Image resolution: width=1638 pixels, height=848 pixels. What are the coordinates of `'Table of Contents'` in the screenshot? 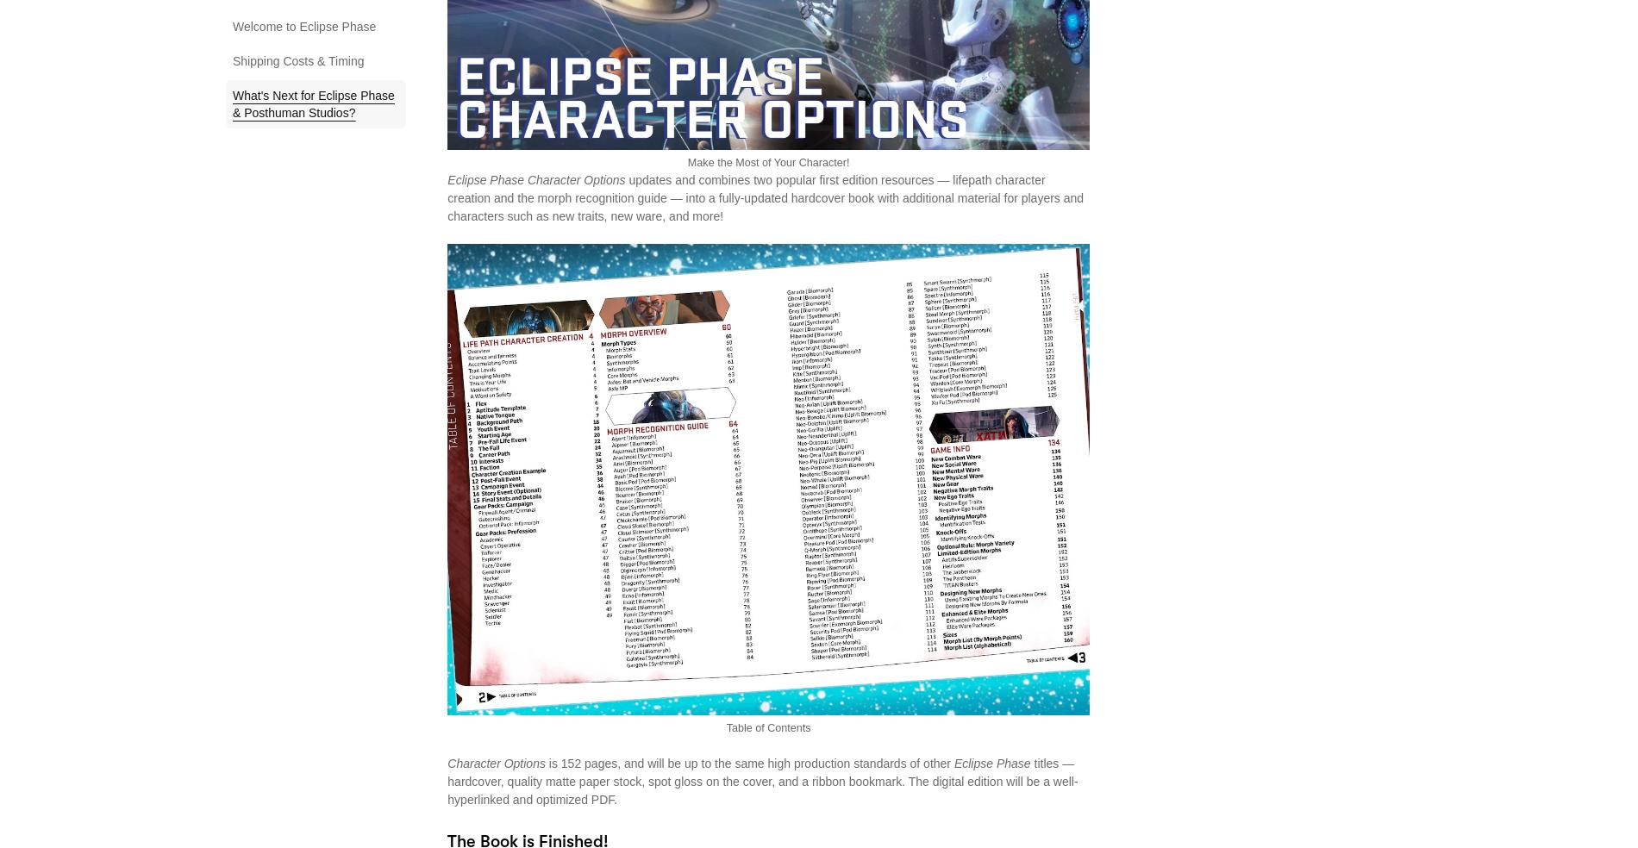 It's located at (766, 726).